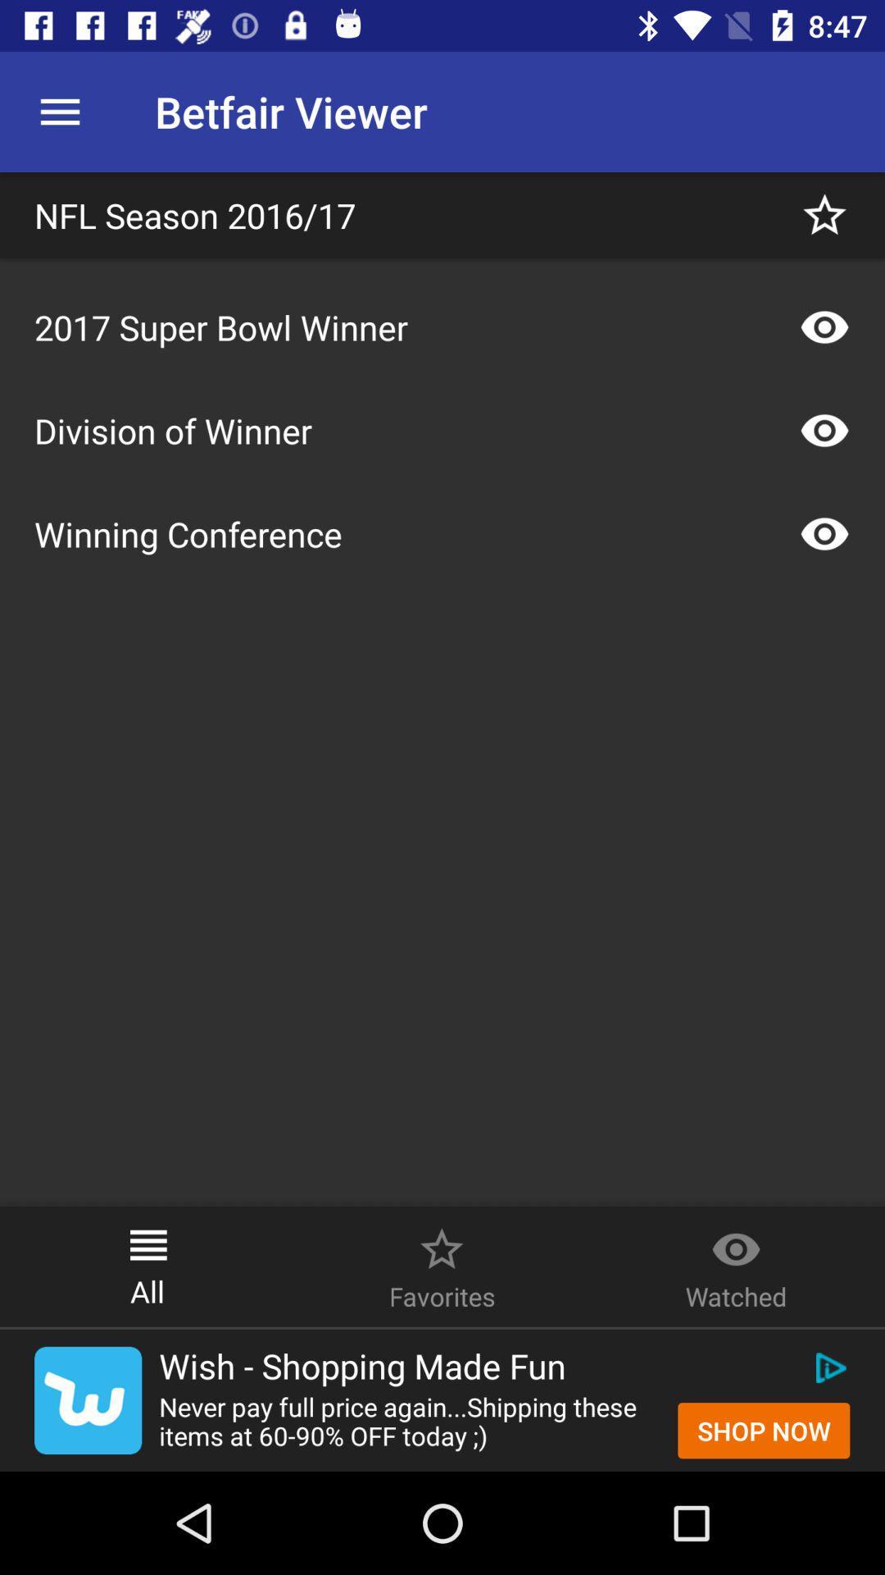 Image resolution: width=885 pixels, height=1575 pixels. What do you see at coordinates (824, 430) in the screenshot?
I see `the icon on the right side of division of winner` at bounding box center [824, 430].